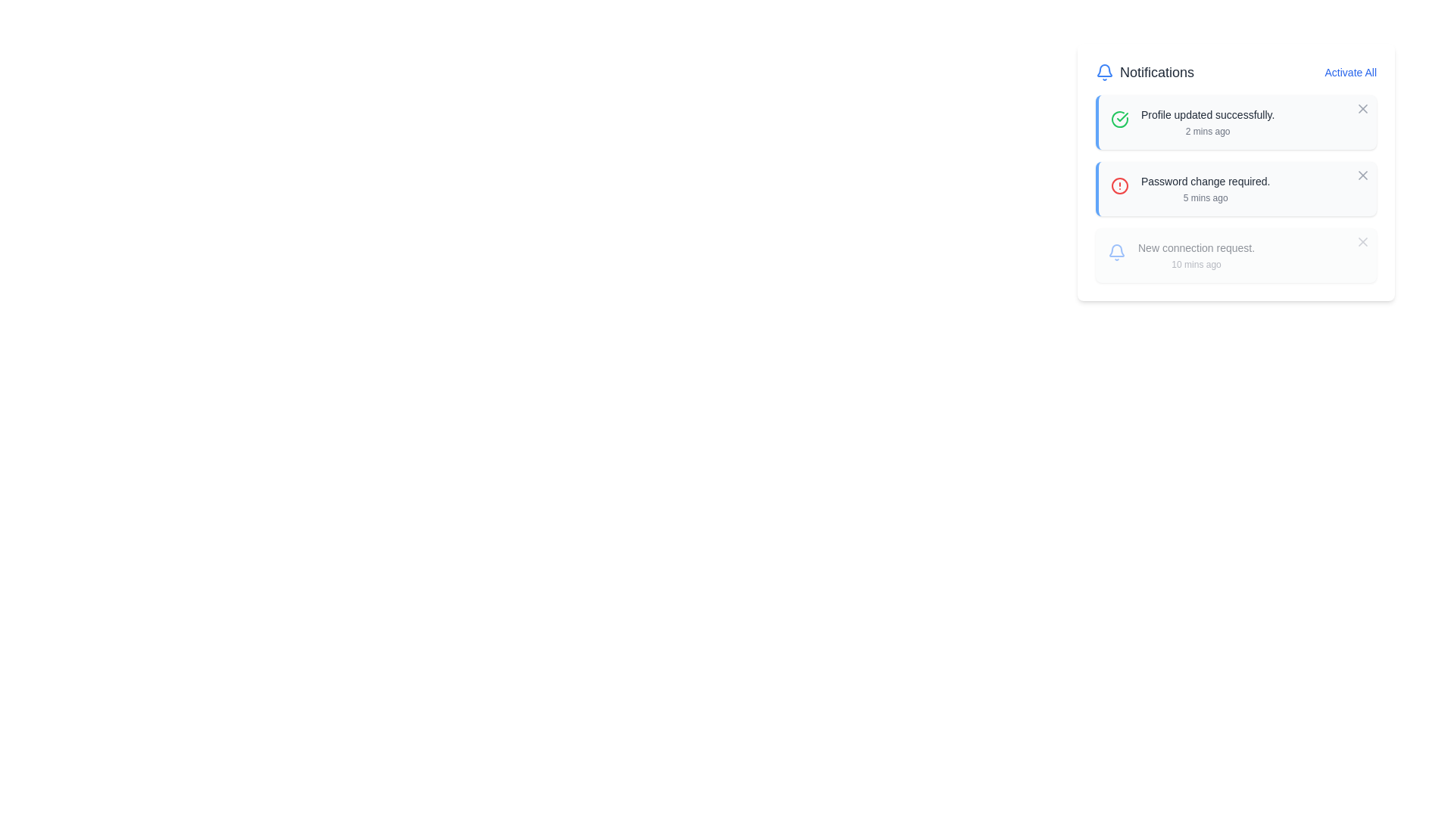  What do you see at coordinates (1119, 185) in the screenshot?
I see `the 'Password change required' notification icon in the sidebar, which indicates an alert for a password change` at bounding box center [1119, 185].